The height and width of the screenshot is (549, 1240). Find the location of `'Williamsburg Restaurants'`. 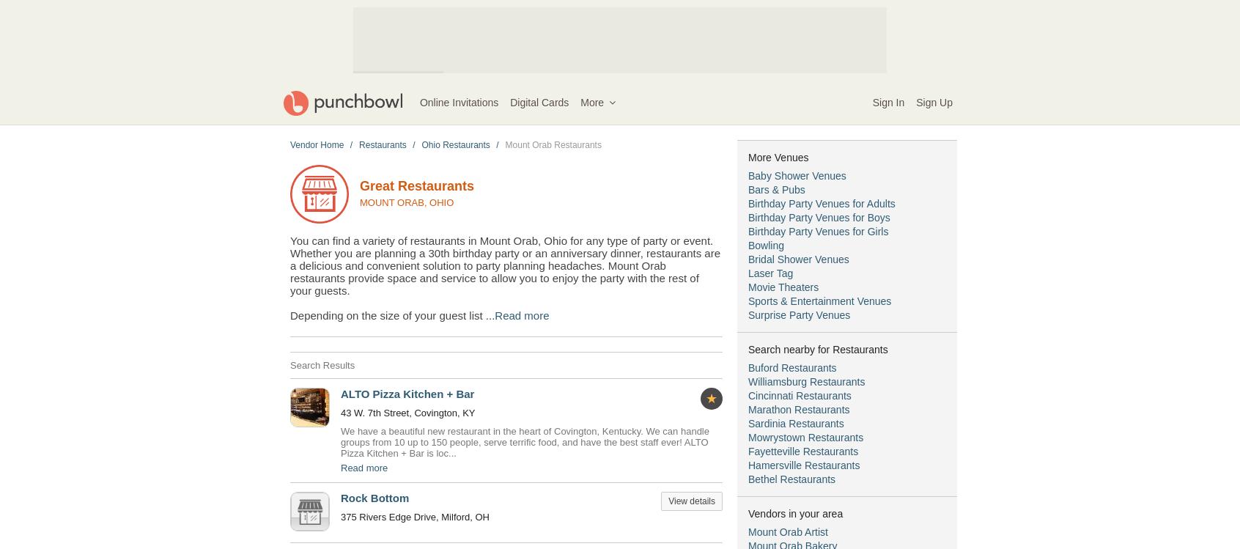

'Williamsburg Restaurants' is located at coordinates (806, 381).